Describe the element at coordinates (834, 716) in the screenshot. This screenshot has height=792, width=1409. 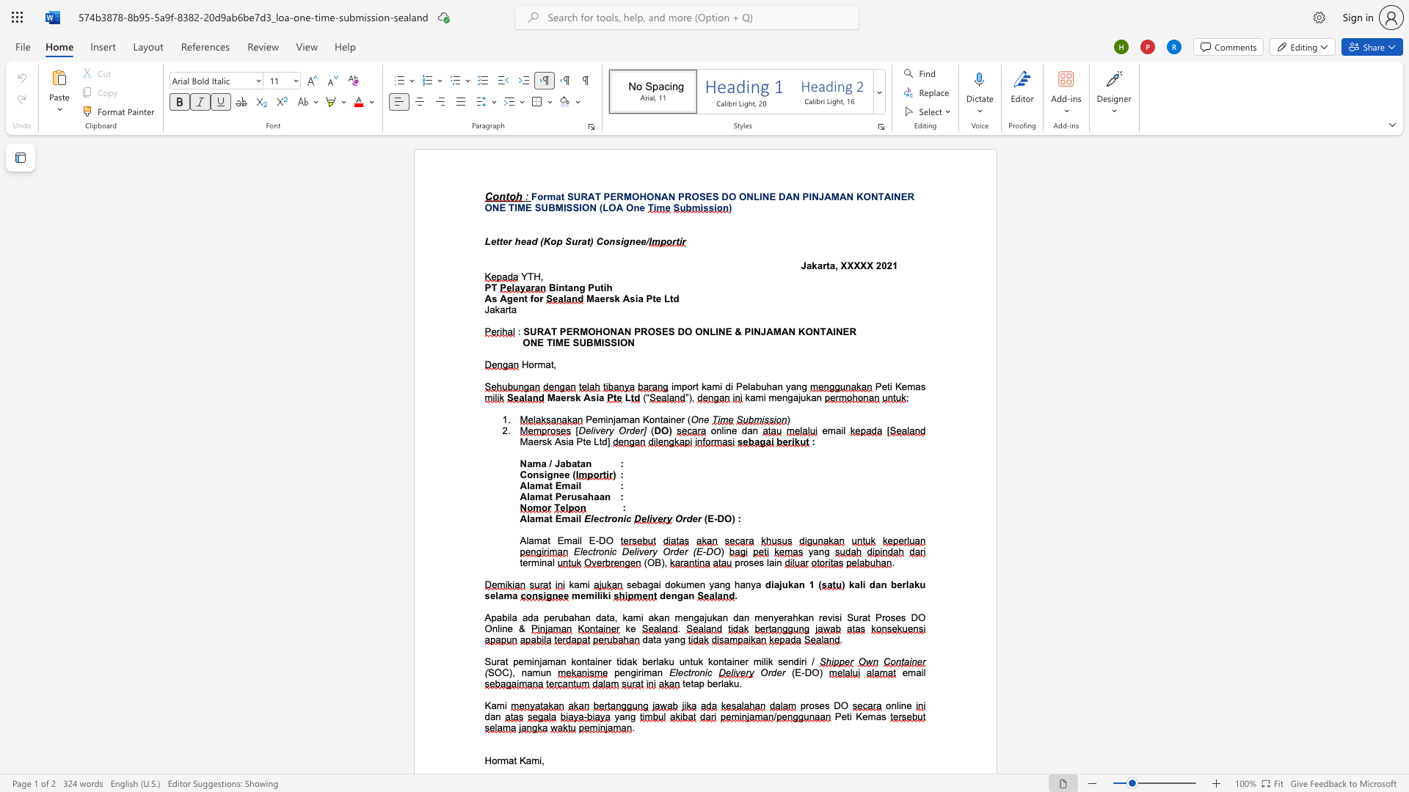
I see `the subset text "Peti Kem" within the text "Peti Kemas"` at that location.